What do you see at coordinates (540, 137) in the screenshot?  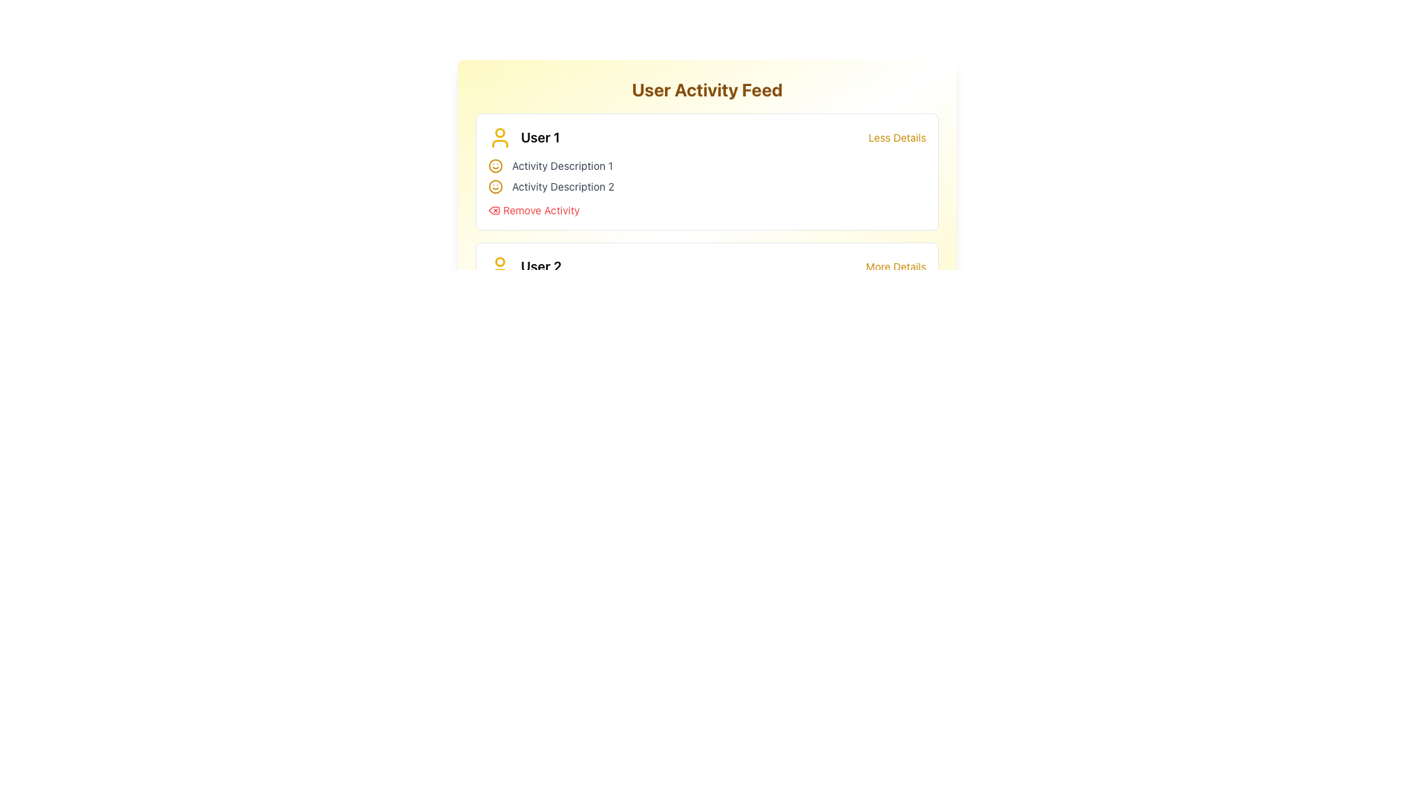 I see `the displayed name on the user profile text label located under the 'User Activity Feed' header, positioned to the right of the user profile icon` at bounding box center [540, 137].